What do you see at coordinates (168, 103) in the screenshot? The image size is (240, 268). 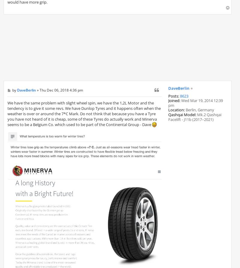 I see `'Wed Mar 19, 2014 12:39 pm'` at bounding box center [168, 103].